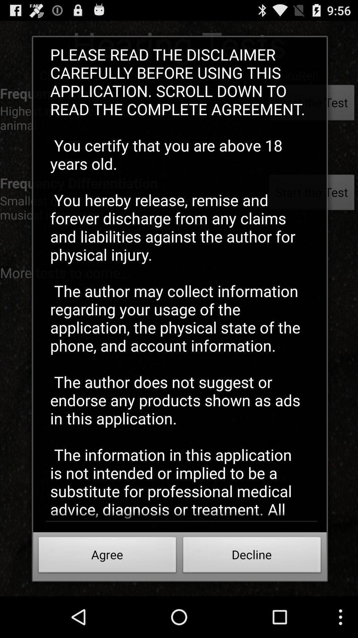 Image resolution: width=358 pixels, height=638 pixels. What do you see at coordinates (107, 557) in the screenshot?
I see `the item at the bottom left corner` at bounding box center [107, 557].